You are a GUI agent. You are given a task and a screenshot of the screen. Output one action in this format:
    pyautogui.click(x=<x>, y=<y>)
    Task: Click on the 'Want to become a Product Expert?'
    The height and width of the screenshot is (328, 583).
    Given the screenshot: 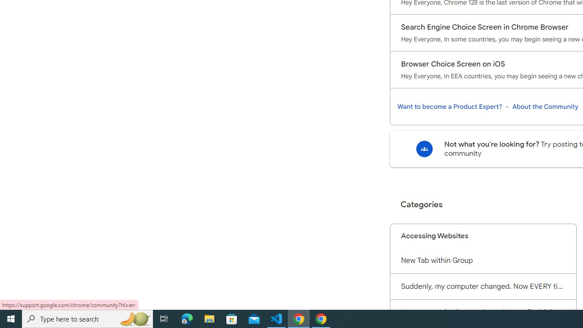 What is the action you would take?
    pyautogui.click(x=450, y=106)
    